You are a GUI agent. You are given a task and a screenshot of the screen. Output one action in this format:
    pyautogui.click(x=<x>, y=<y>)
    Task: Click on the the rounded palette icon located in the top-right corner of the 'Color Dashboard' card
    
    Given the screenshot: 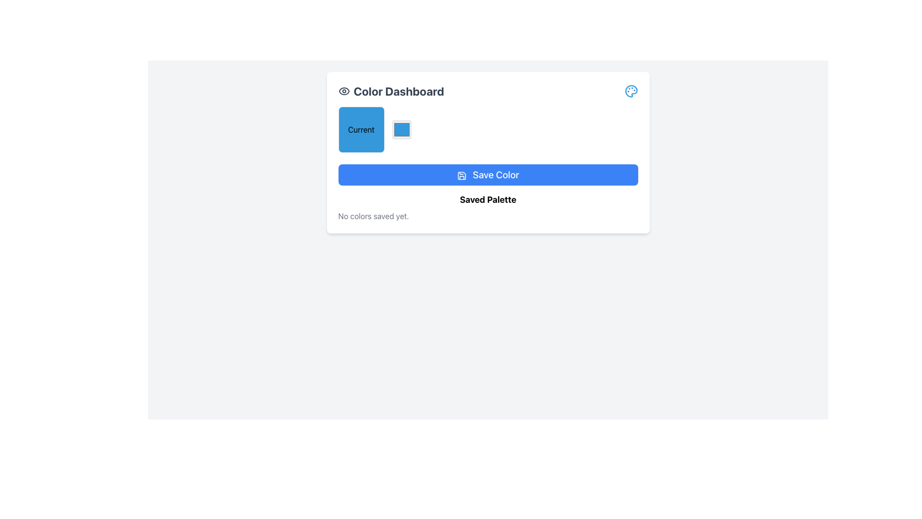 What is the action you would take?
    pyautogui.click(x=631, y=91)
    